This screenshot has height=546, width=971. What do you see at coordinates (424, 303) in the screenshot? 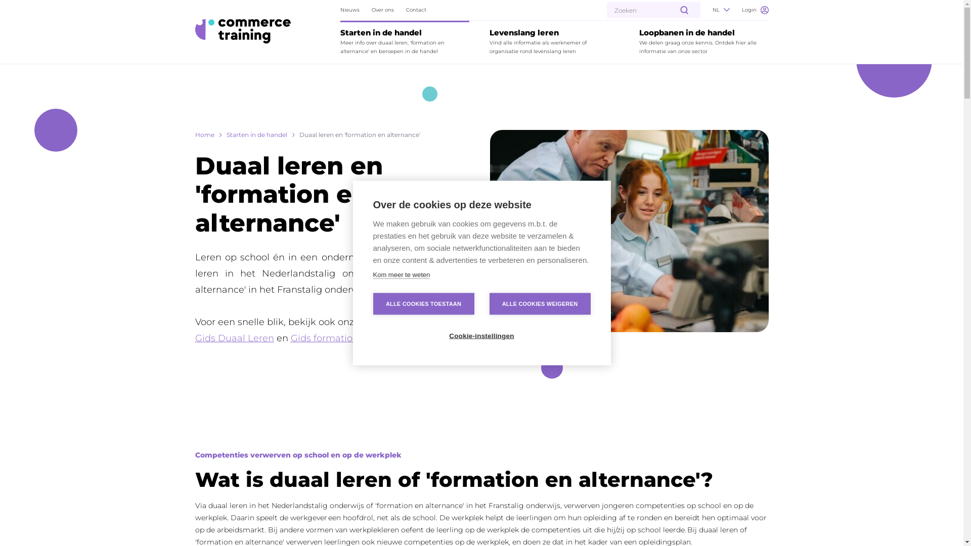
I see `'ALLE COOKIES TOESTAAN'` at bounding box center [424, 303].